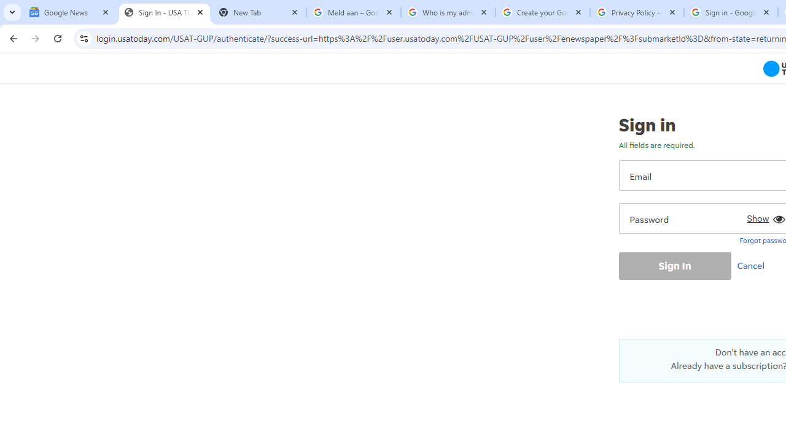  What do you see at coordinates (36, 37) in the screenshot?
I see `'Forward'` at bounding box center [36, 37].